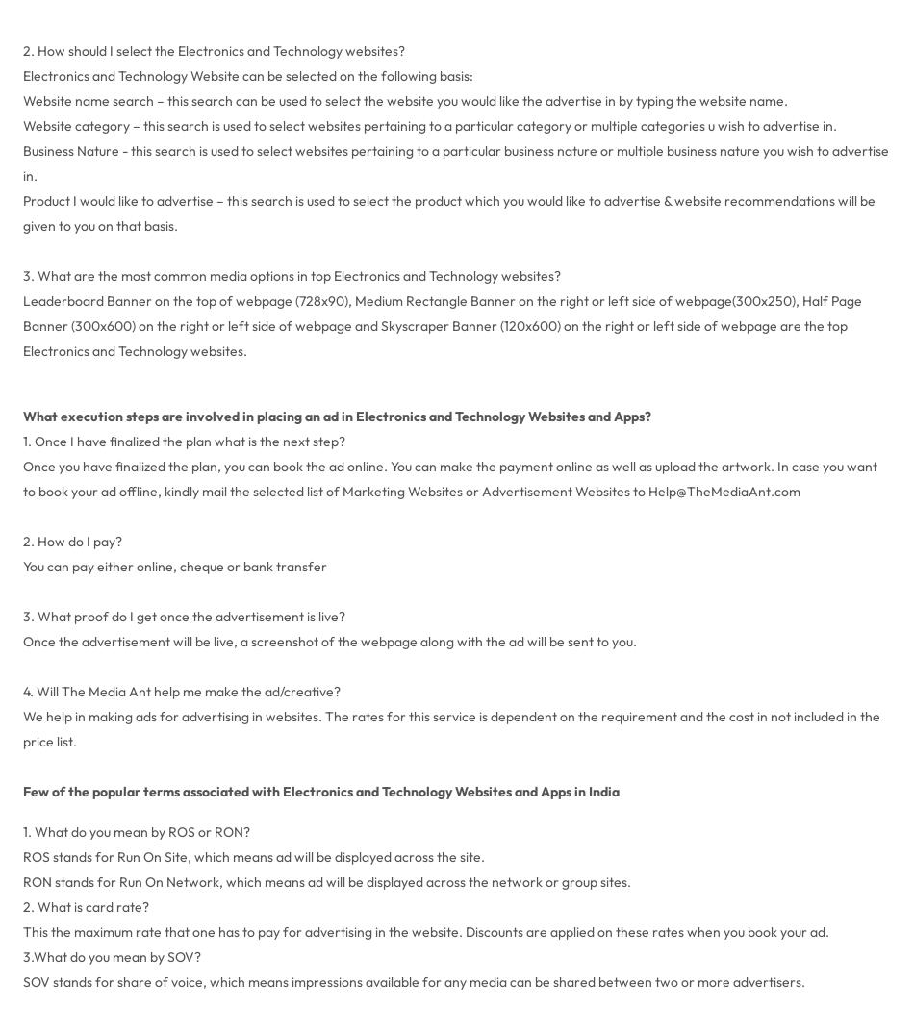  What do you see at coordinates (245, 73) in the screenshot?
I see `'Electronics and Technology Website can be selected on the following basis:'` at bounding box center [245, 73].